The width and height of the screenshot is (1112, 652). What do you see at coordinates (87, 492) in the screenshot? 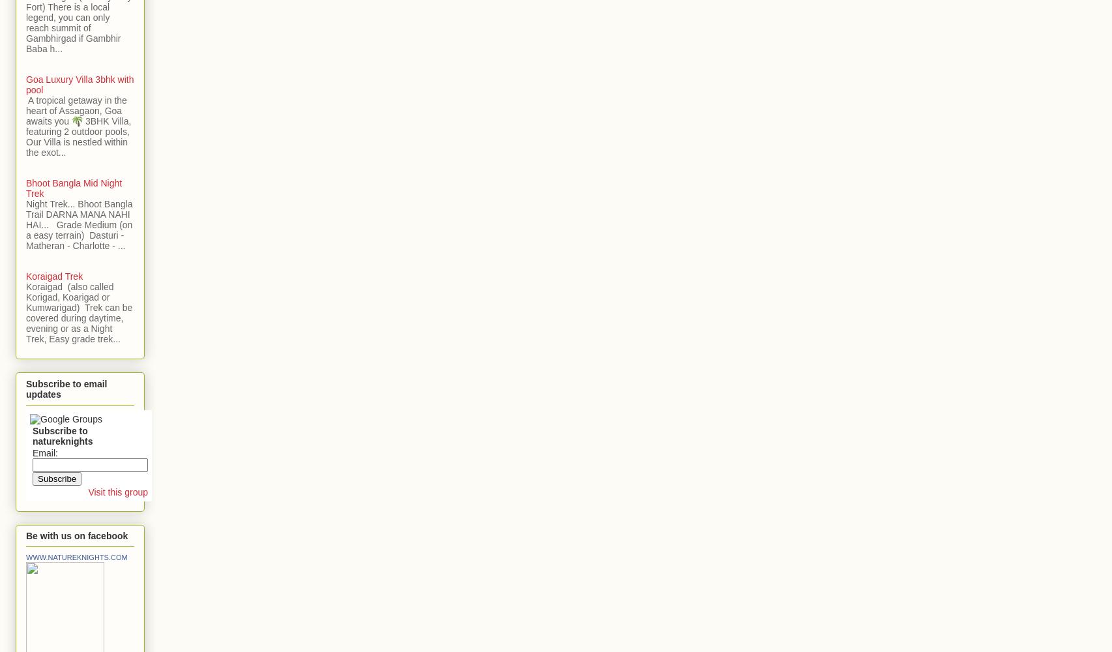
I see `'Visit this group'` at bounding box center [87, 492].